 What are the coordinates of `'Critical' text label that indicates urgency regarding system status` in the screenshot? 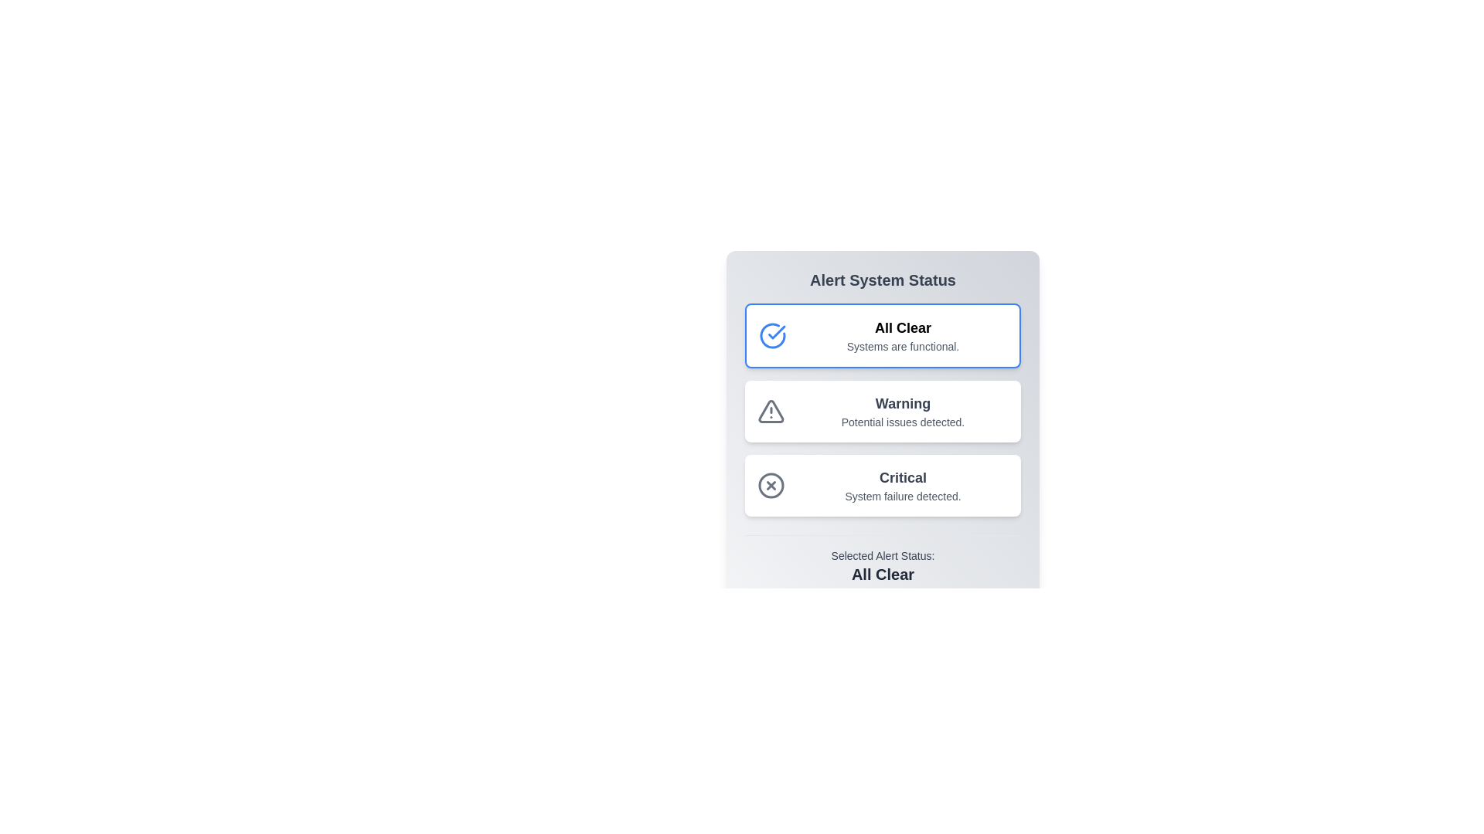 It's located at (903, 476).